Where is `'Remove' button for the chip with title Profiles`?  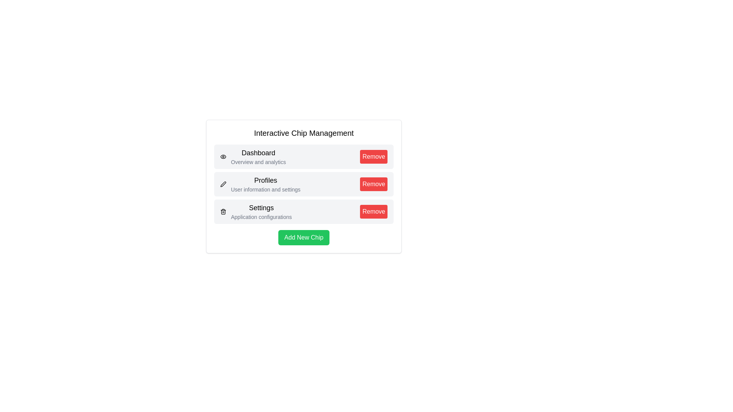 'Remove' button for the chip with title Profiles is located at coordinates (374, 184).